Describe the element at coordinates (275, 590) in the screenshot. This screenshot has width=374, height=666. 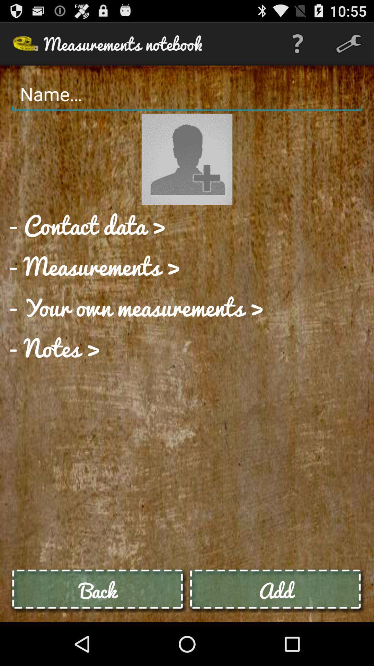
I see `the button next to back icon` at that location.